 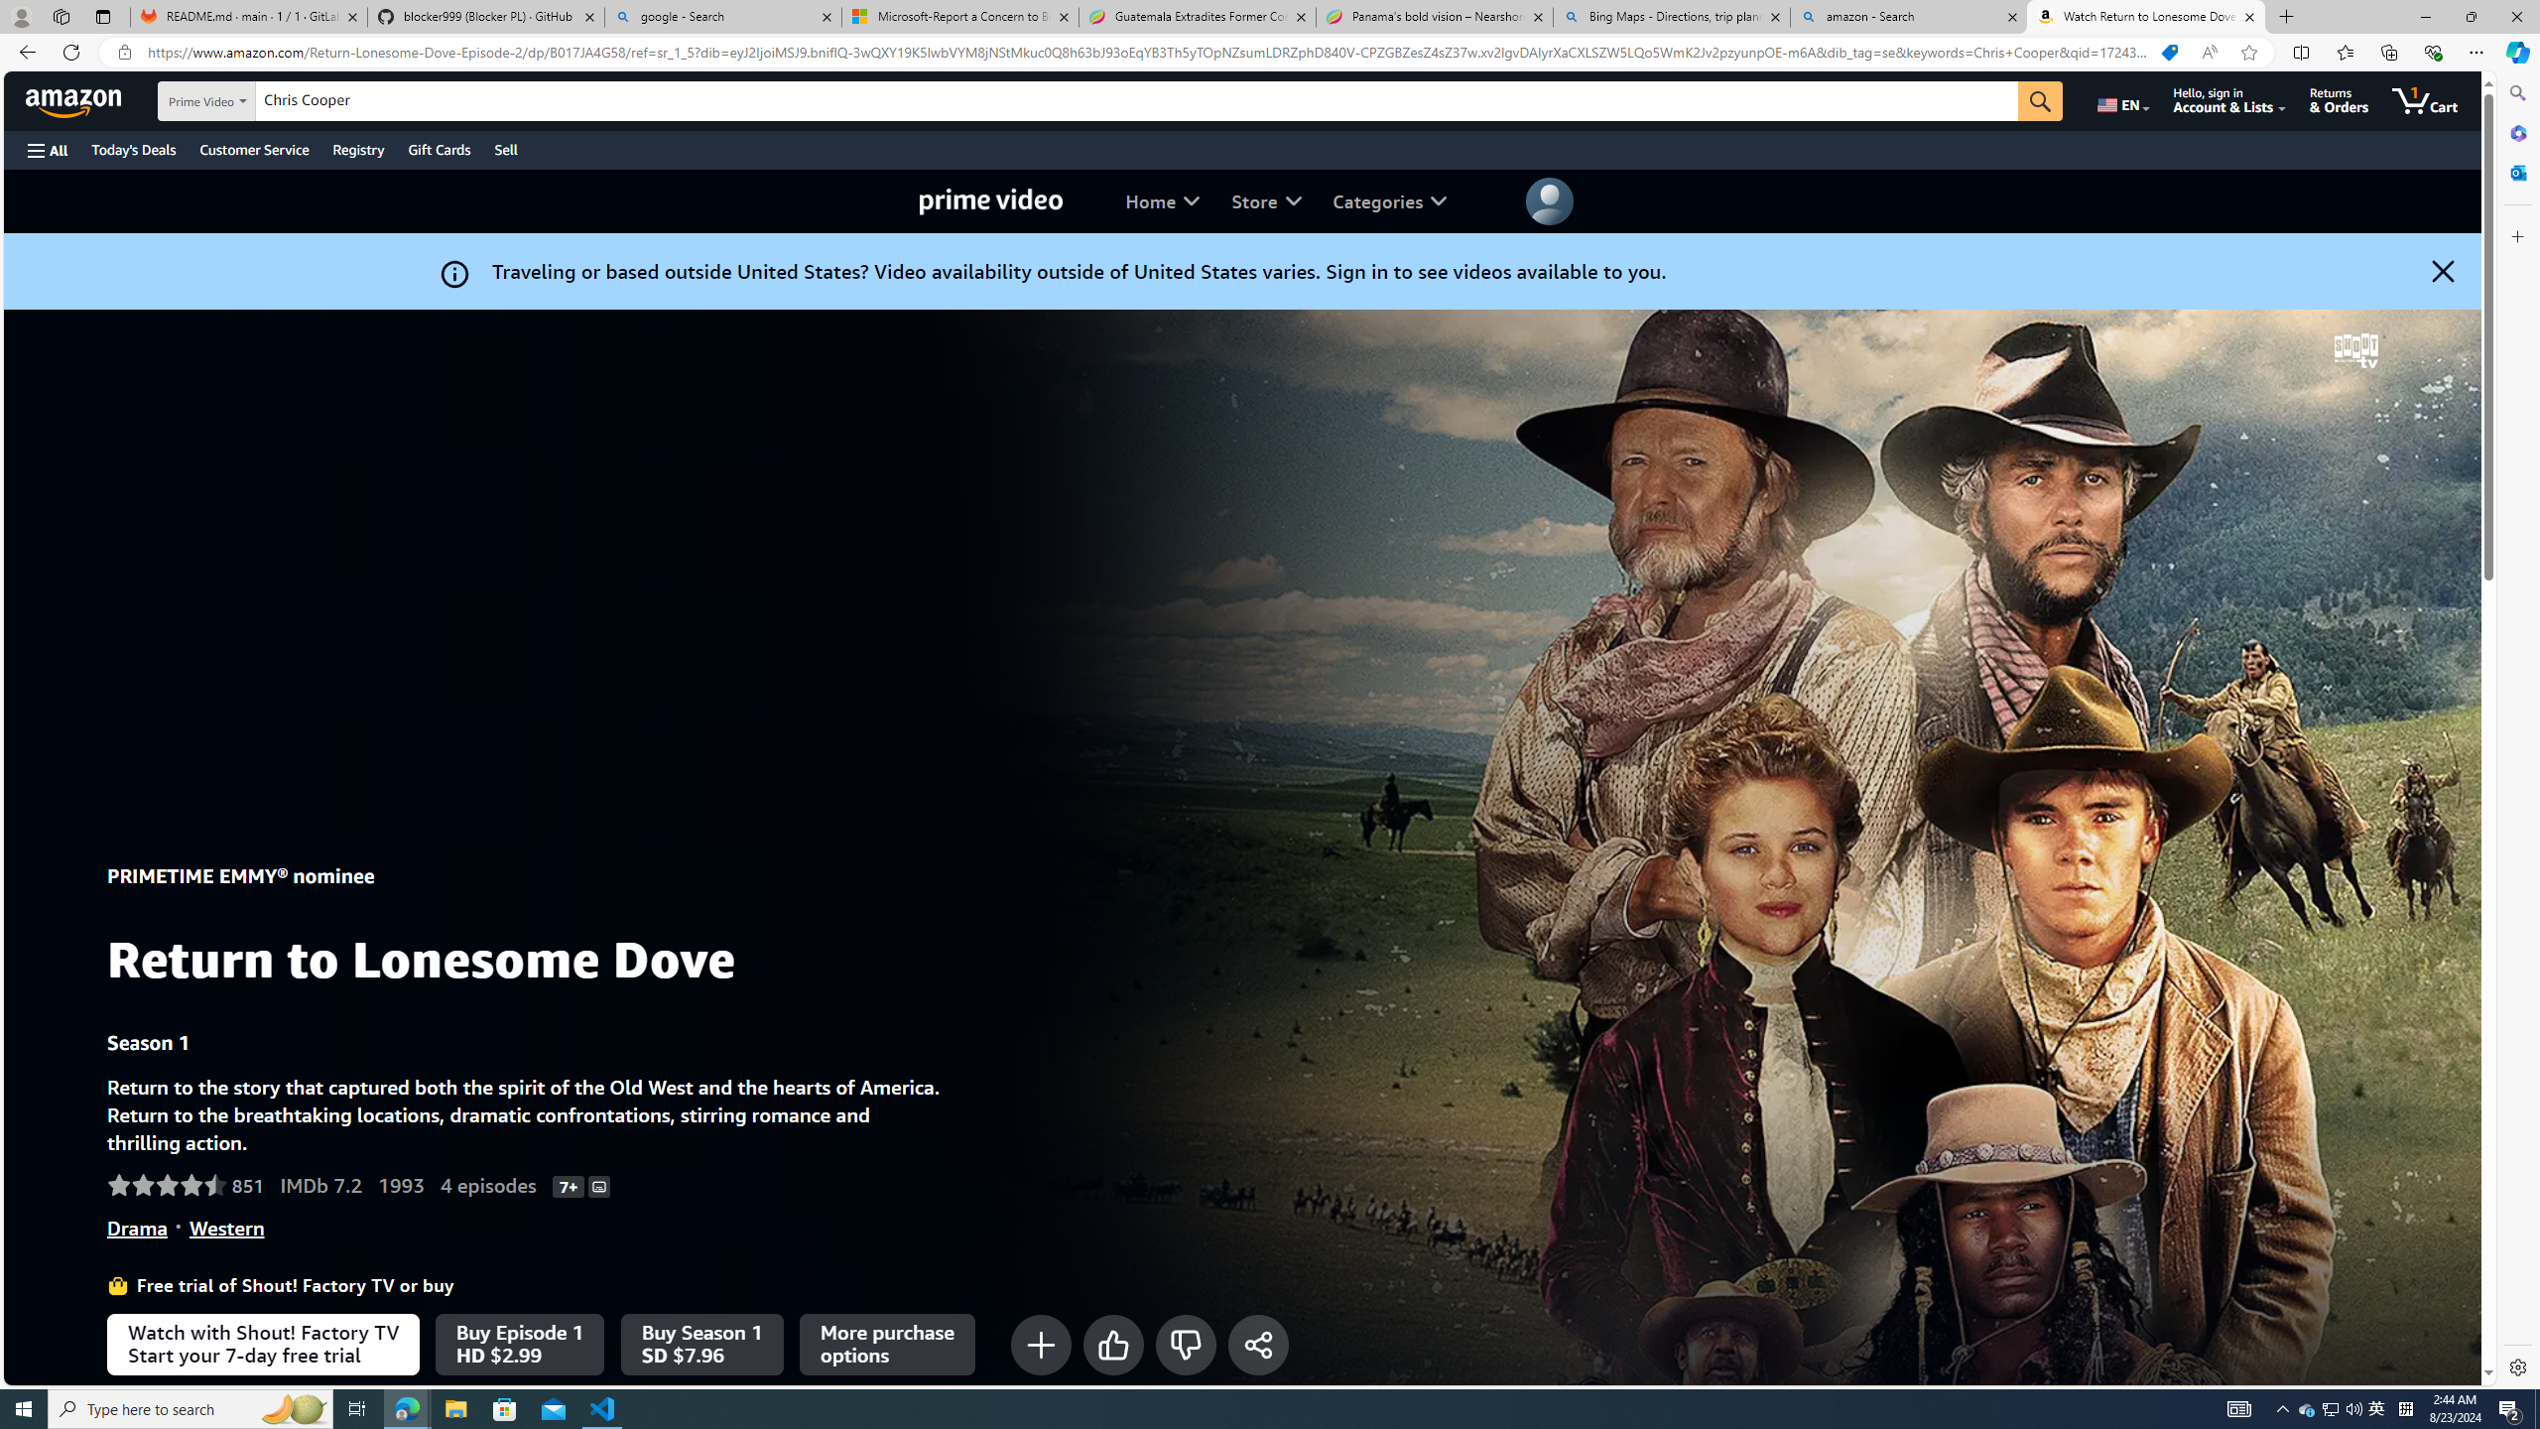 I want to click on 'Skip to main content', so click(x=84, y=98).